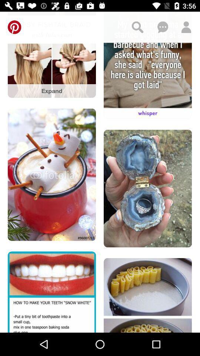  Describe the element at coordinates (137, 27) in the screenshot. I see `search feature` at that location.